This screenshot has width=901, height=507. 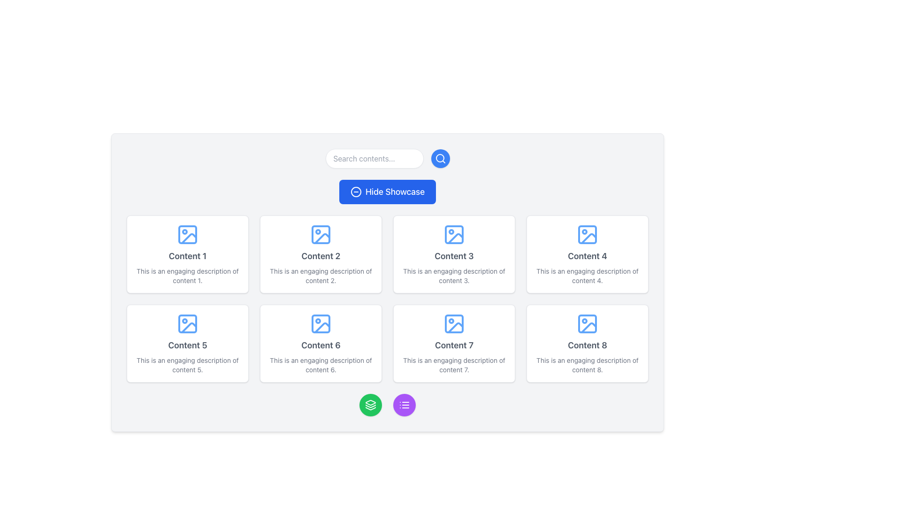 What do you see at coordinates (454, 346) in the screenshot?
I see `the text label displaying 'Content 7' which is styled with a bold and slightly larger font in dark gray, located within a card structure in the second row, third column of the grid layout` at bounding box center [454, 346].